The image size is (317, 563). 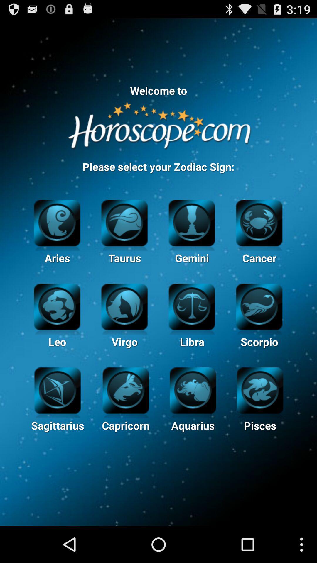 What do you see at coordinates (259, 222) in the screenshot?
I see `the cancer option` at bounding box center [259, 222].